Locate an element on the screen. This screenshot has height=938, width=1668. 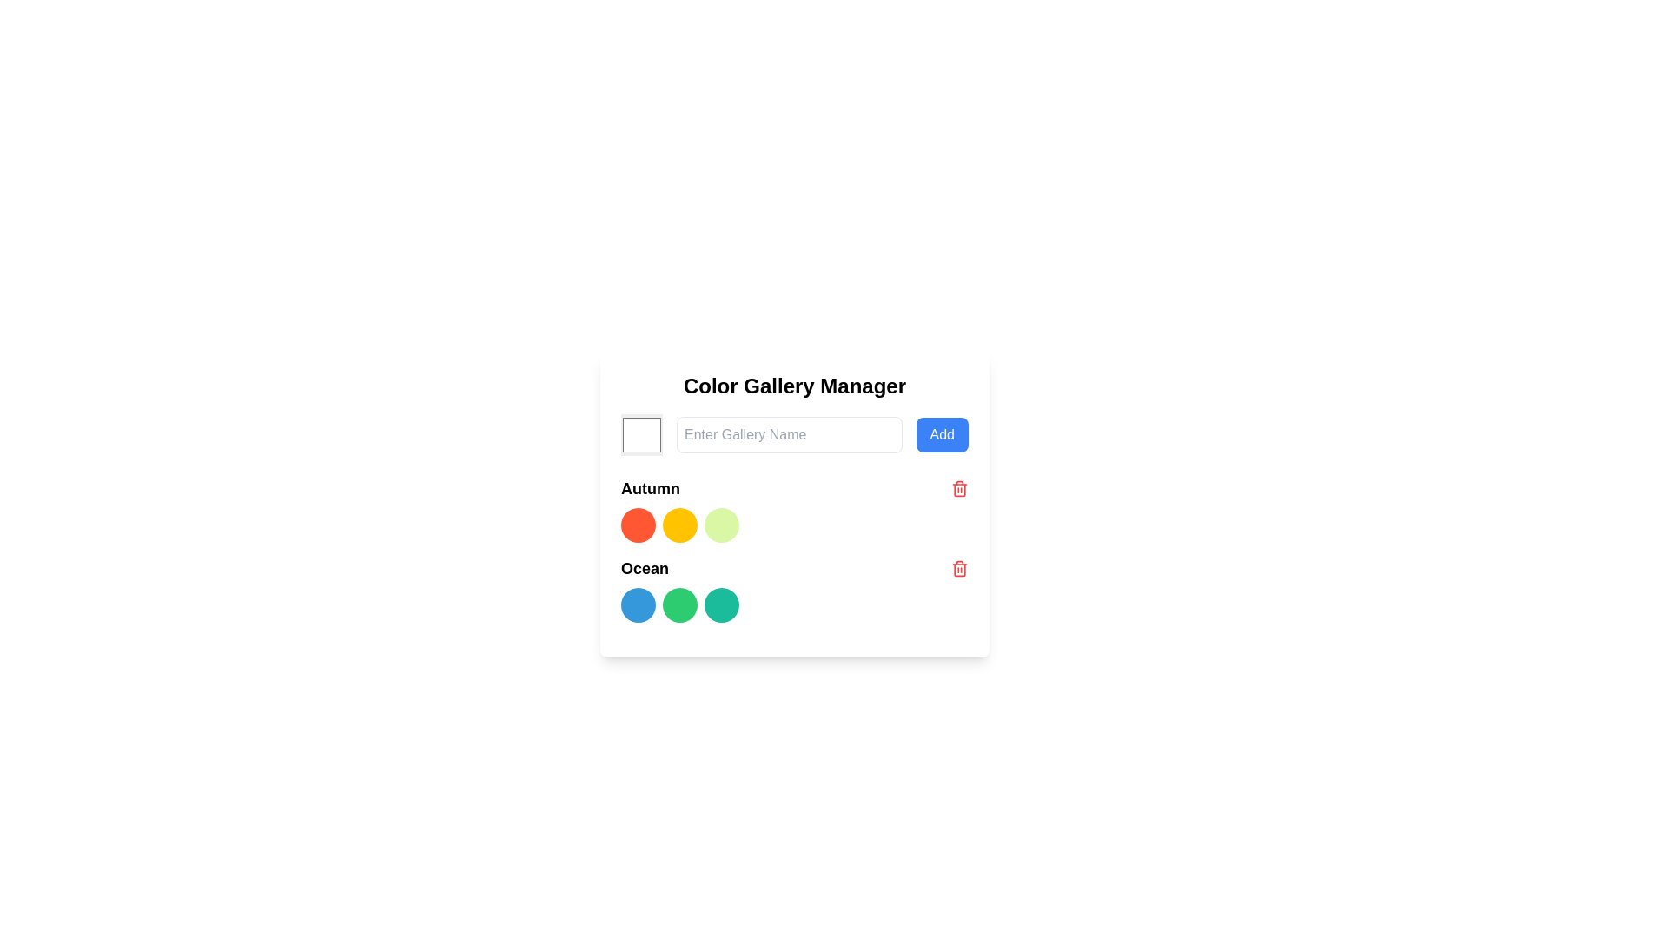
to focus on the text input box labeled 'Enter Gallery Name', which is visually represented by a rectangular shape with rounded corners and a light gray border is located at coordinates (788, 434).